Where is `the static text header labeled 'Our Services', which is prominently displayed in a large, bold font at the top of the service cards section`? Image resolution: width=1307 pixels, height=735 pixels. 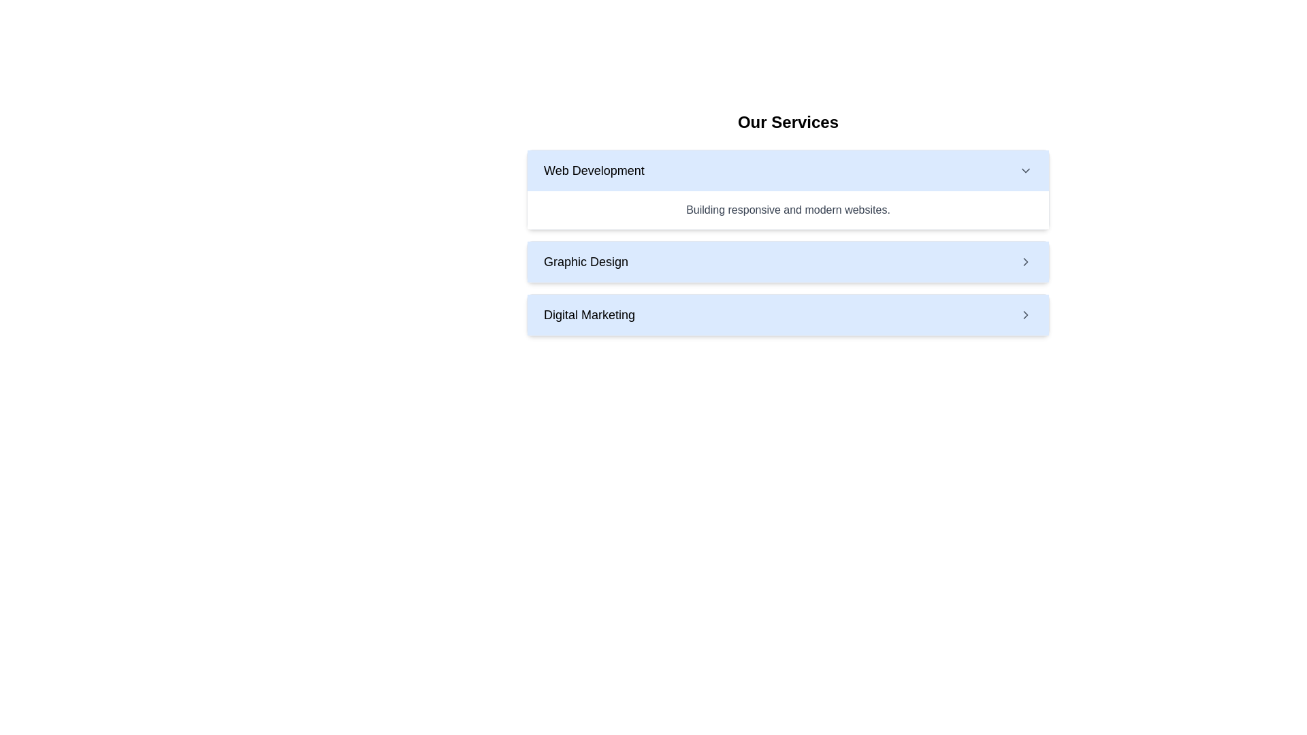 the static text header labeled 'Our Services', which is prominently displayed in a large, bold font at the top of the service cards section is located at coordinates (788, 122).